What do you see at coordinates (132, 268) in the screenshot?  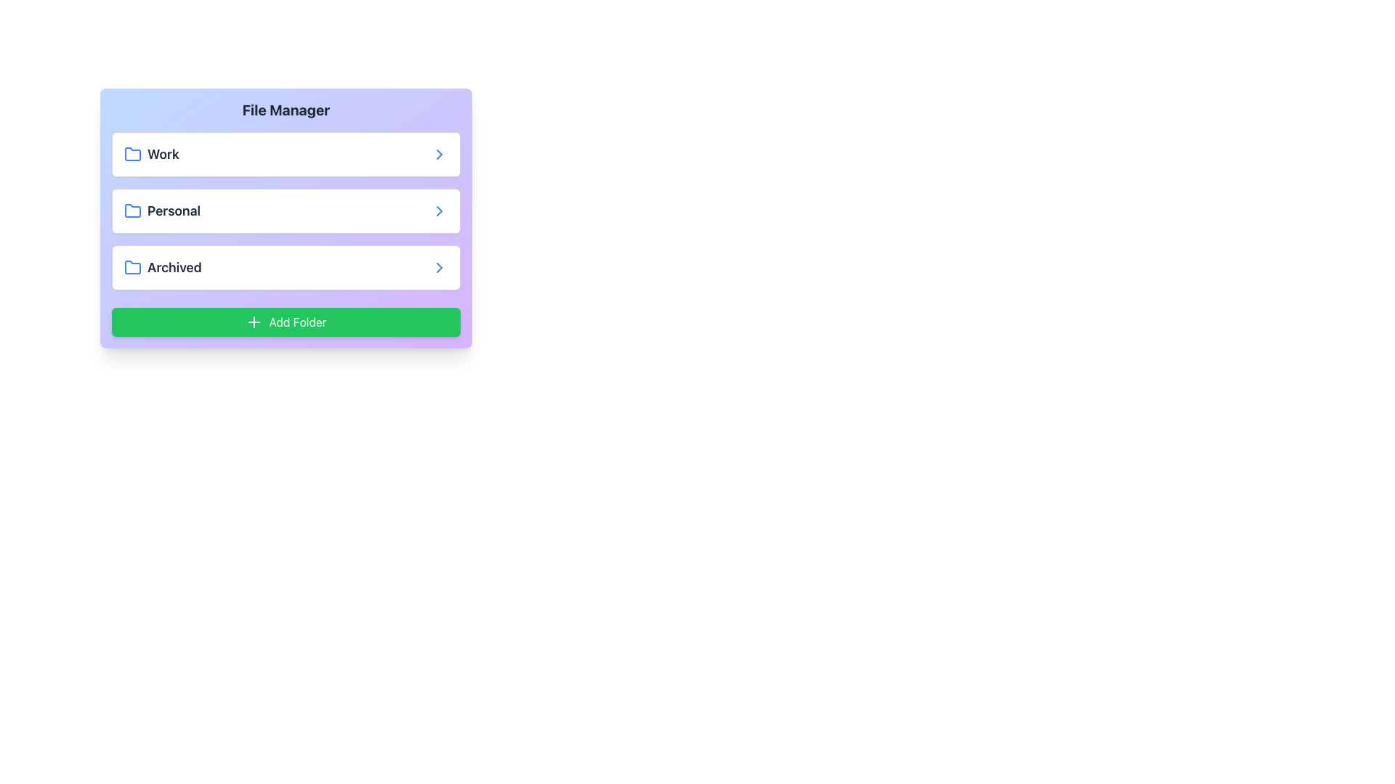 I see `the blue-colored folder icon located to the left of the 'Archived' label in the file manager interface` at bounding box center [132, 268].